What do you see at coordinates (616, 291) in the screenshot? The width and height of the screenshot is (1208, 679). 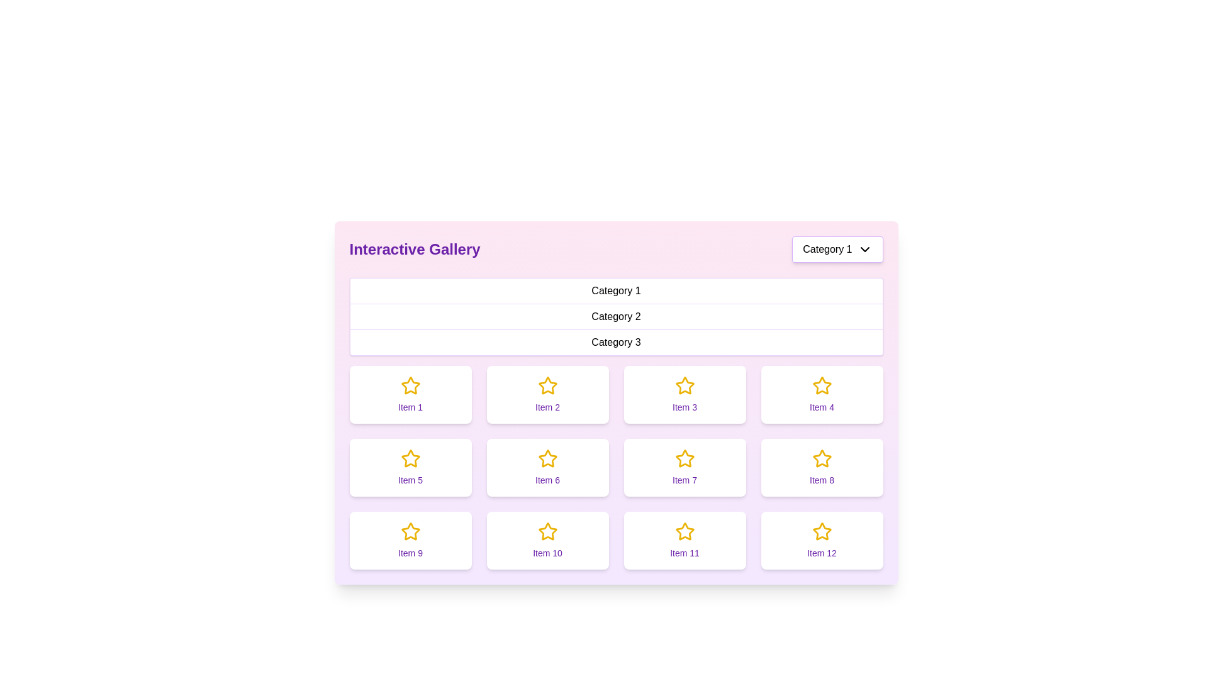 I see `the first category label in the vertical list of three categories` at bounding box center [616, 291].